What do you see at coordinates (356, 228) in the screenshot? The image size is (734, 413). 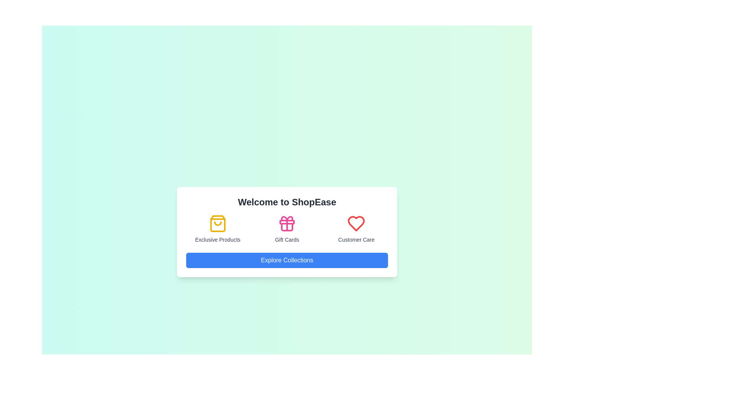 I see `the Informative label with a red heart icon and the text 'Customer Care', which is the third item in a horizontal list at the bottom-right of the central white card` at bounding box center [356, 228].